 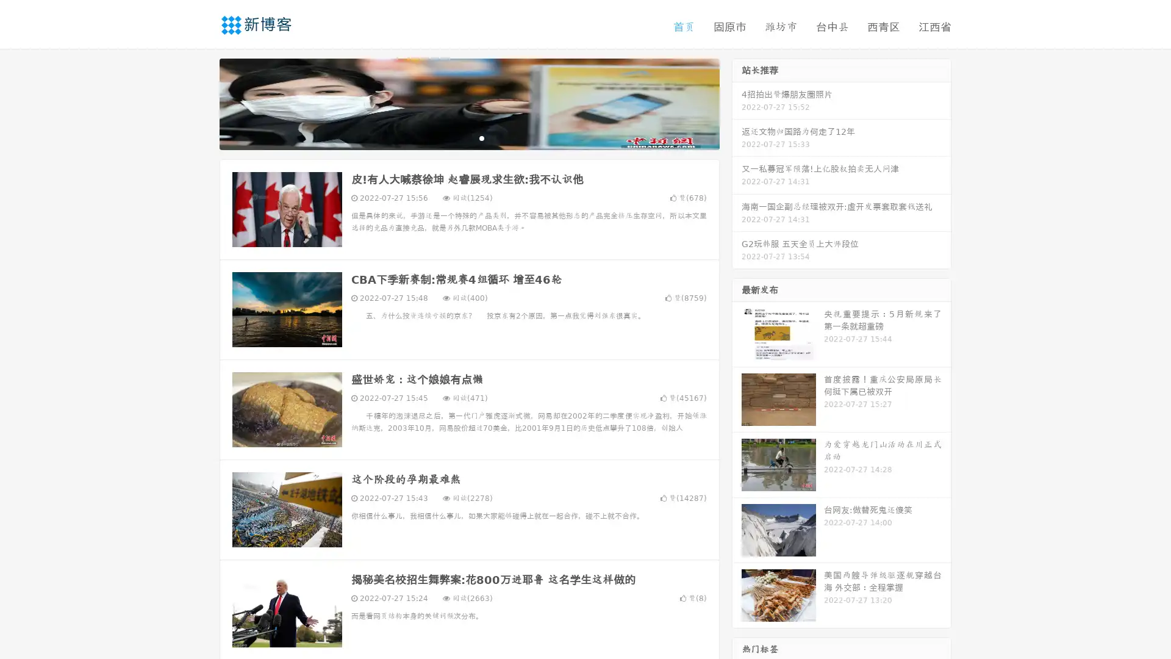 I want to click on Go to slide 3, so click(x=481, y=137).